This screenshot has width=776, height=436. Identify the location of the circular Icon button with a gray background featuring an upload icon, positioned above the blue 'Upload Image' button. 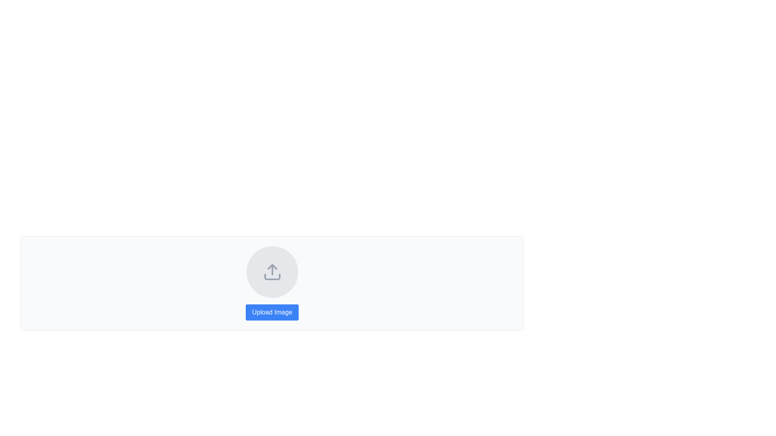
(272, 272).